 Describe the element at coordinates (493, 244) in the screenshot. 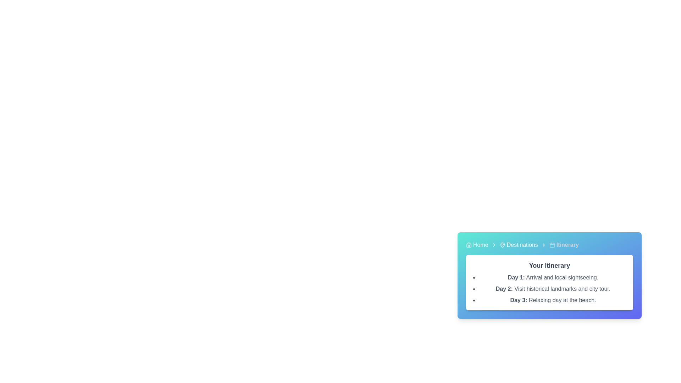

I see `the breadcrumb separator icon located between the 'Home' and 'Destinations' links in the navigation bar` at that location.